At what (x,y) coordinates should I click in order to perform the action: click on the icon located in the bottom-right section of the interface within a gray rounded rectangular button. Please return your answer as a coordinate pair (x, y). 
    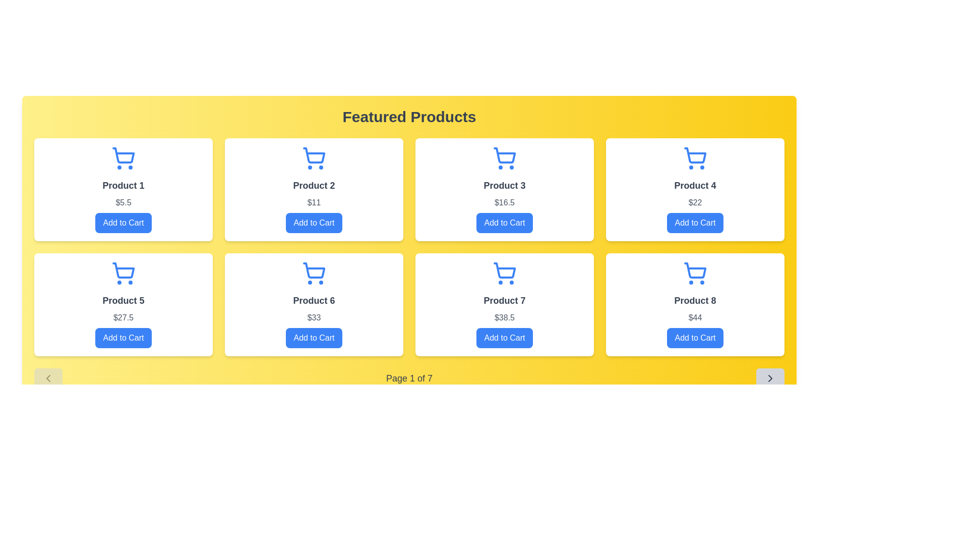
    Looking at the image, I should click on (769, 378).